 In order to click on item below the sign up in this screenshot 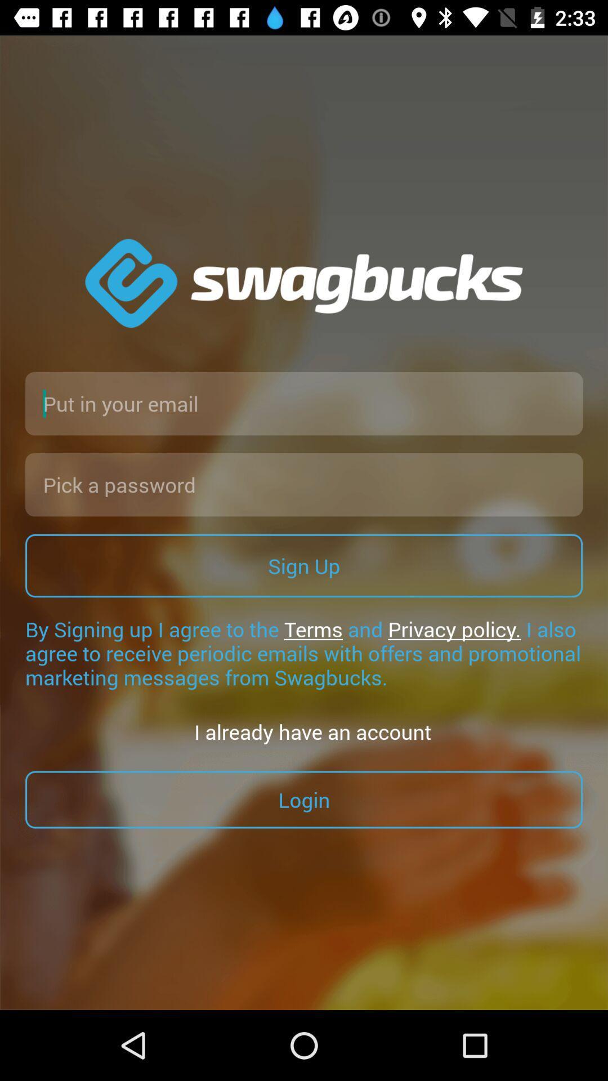, I will do `click(304, 653)`.